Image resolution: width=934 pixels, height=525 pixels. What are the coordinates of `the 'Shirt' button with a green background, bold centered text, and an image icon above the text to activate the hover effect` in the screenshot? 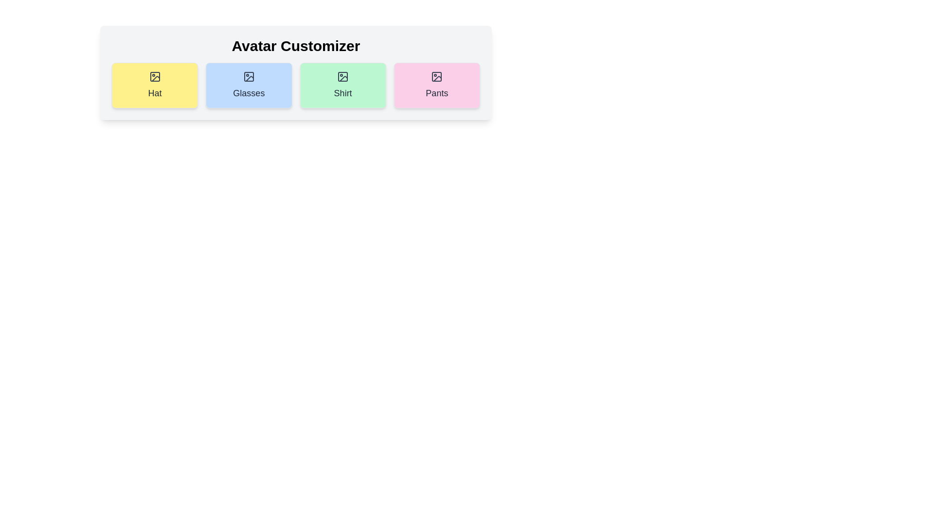 It's located at (343, 85).